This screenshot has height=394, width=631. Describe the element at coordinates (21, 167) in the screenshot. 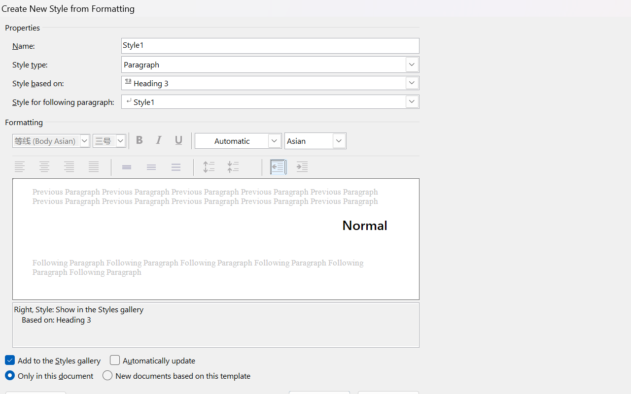

I see `'Align Left'` at that location.